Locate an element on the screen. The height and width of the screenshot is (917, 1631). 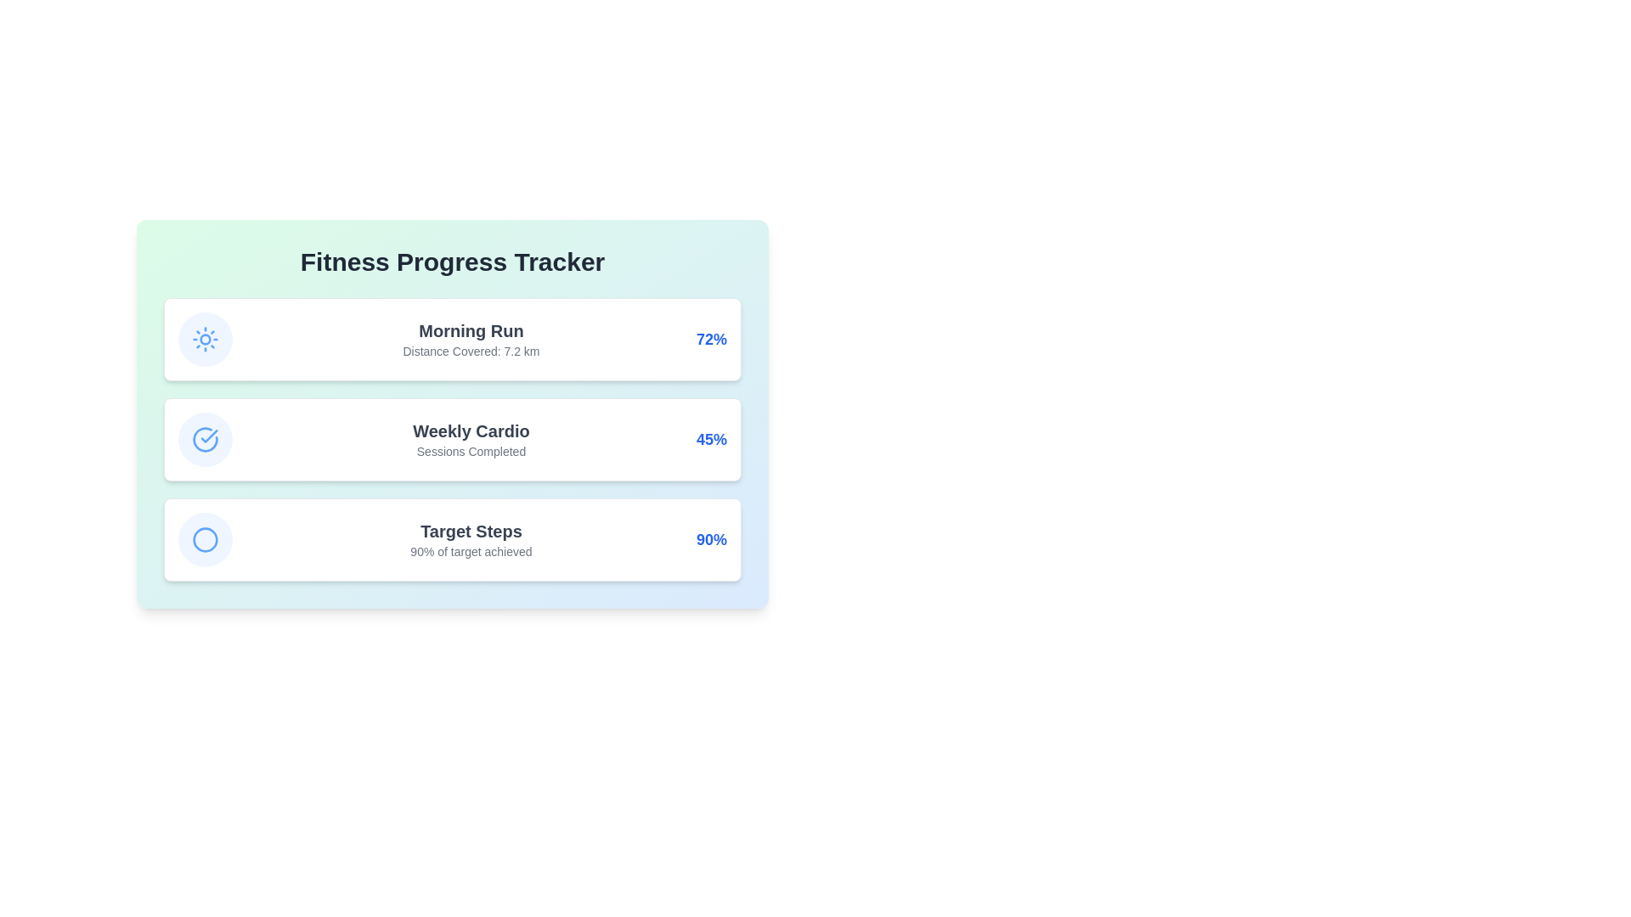
the text block titled 'Target Steps' which includes the headline and description stacked vertically within a card-like section on the right side of the interface is located at coordinates (471, 540).